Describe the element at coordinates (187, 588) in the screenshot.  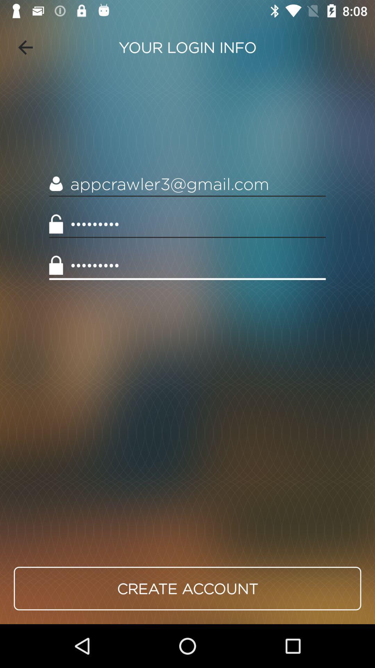
I see `create account item` at that location.